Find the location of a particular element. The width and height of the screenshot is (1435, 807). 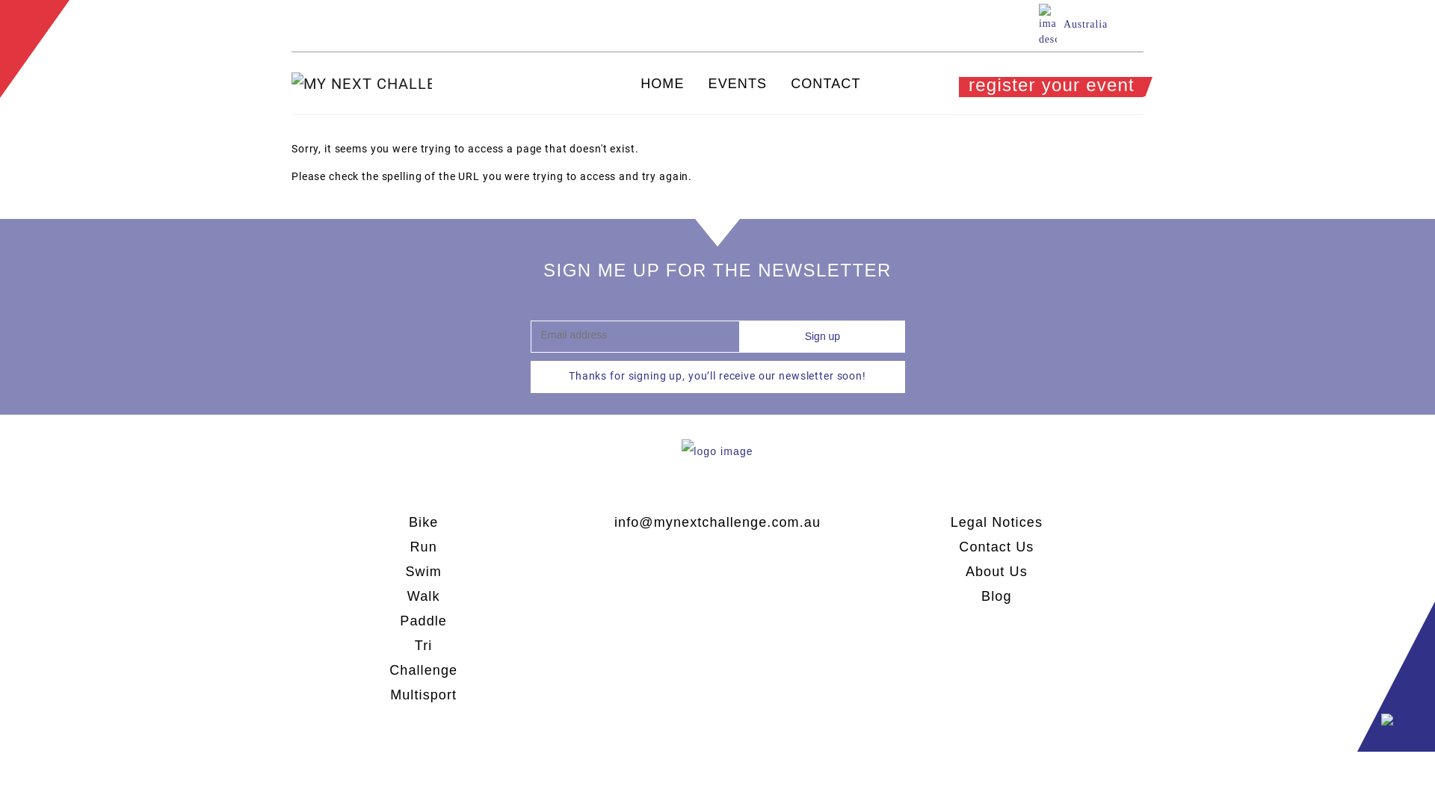

'Walk' is located at coordinates (422, 596).